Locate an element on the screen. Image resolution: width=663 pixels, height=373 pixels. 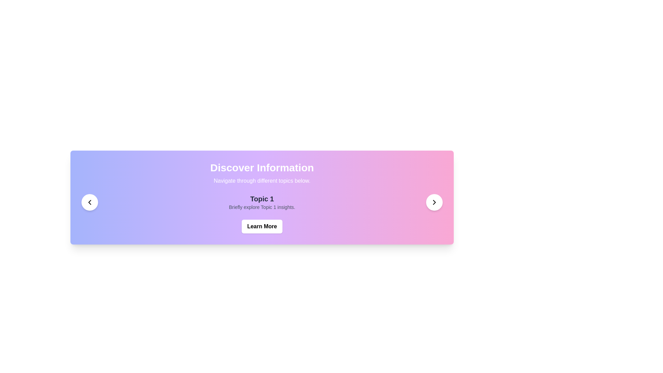
the 'Learn More' button with a white background and black text located at the center-bottom of the card titled 'Discover Information' is located at coordinates (261, 226).